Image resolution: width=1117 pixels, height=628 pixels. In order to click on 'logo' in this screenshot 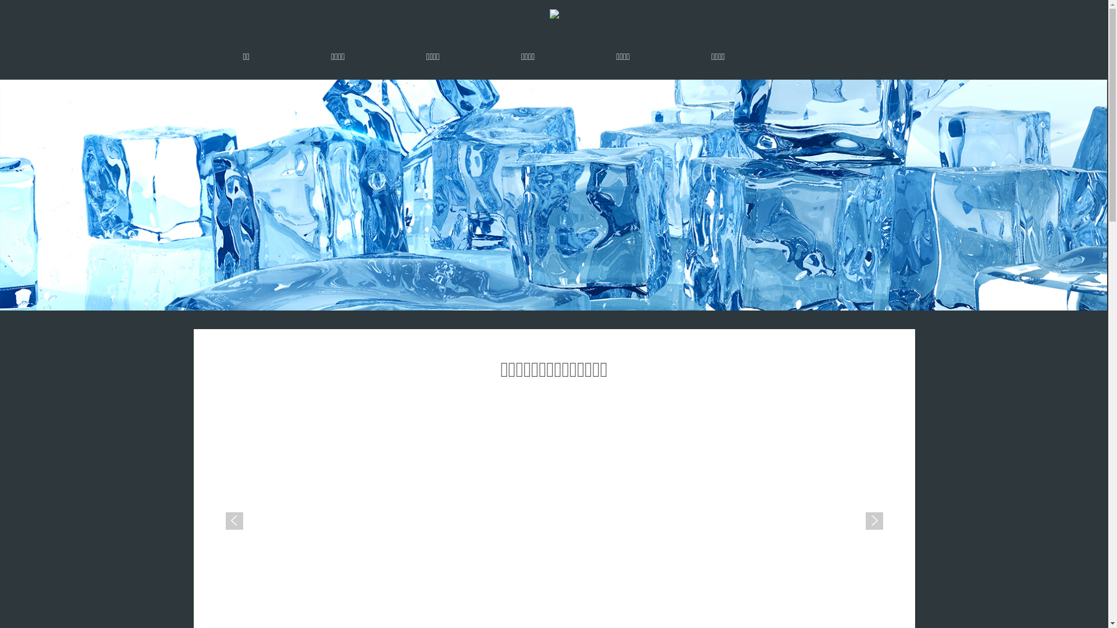, I will do `click(553, 13)`.